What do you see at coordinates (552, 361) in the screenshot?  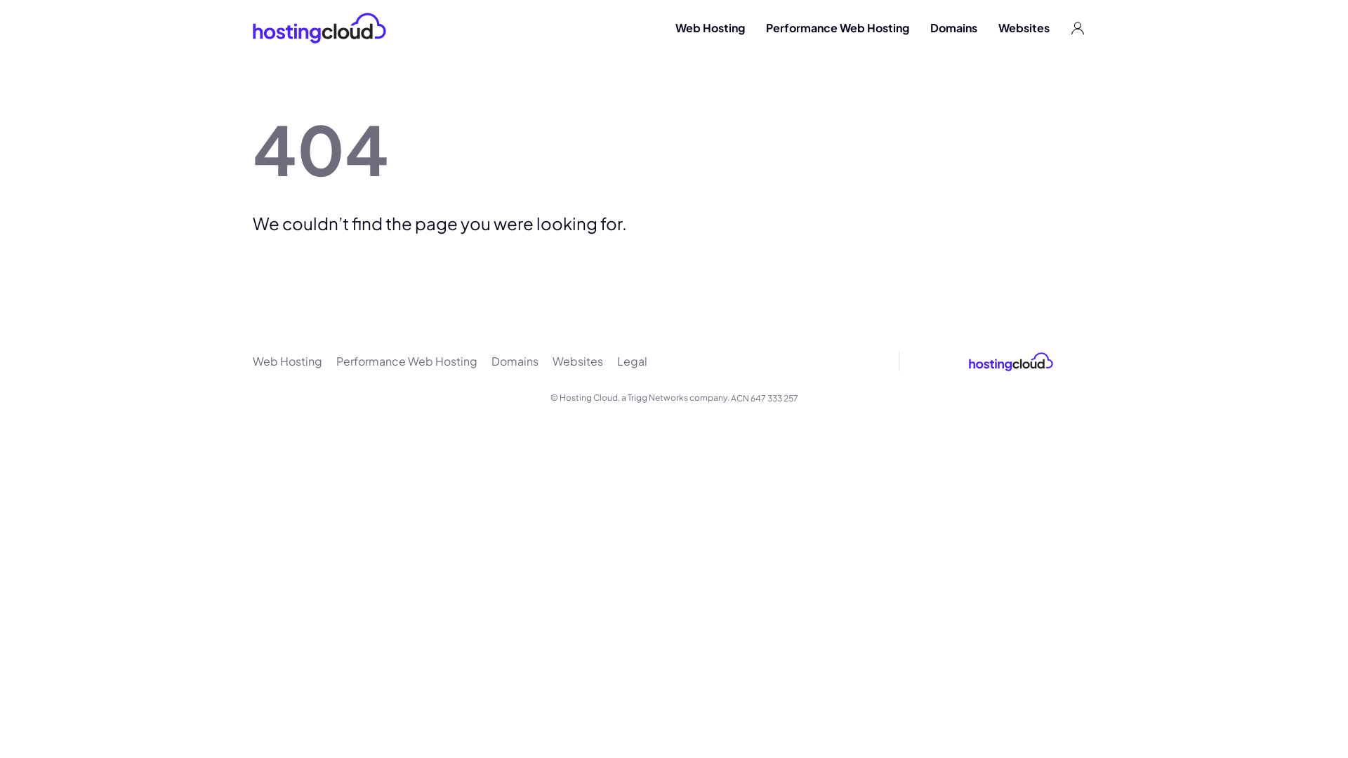 I see `'Websites'` at bounding box center [552, 361].